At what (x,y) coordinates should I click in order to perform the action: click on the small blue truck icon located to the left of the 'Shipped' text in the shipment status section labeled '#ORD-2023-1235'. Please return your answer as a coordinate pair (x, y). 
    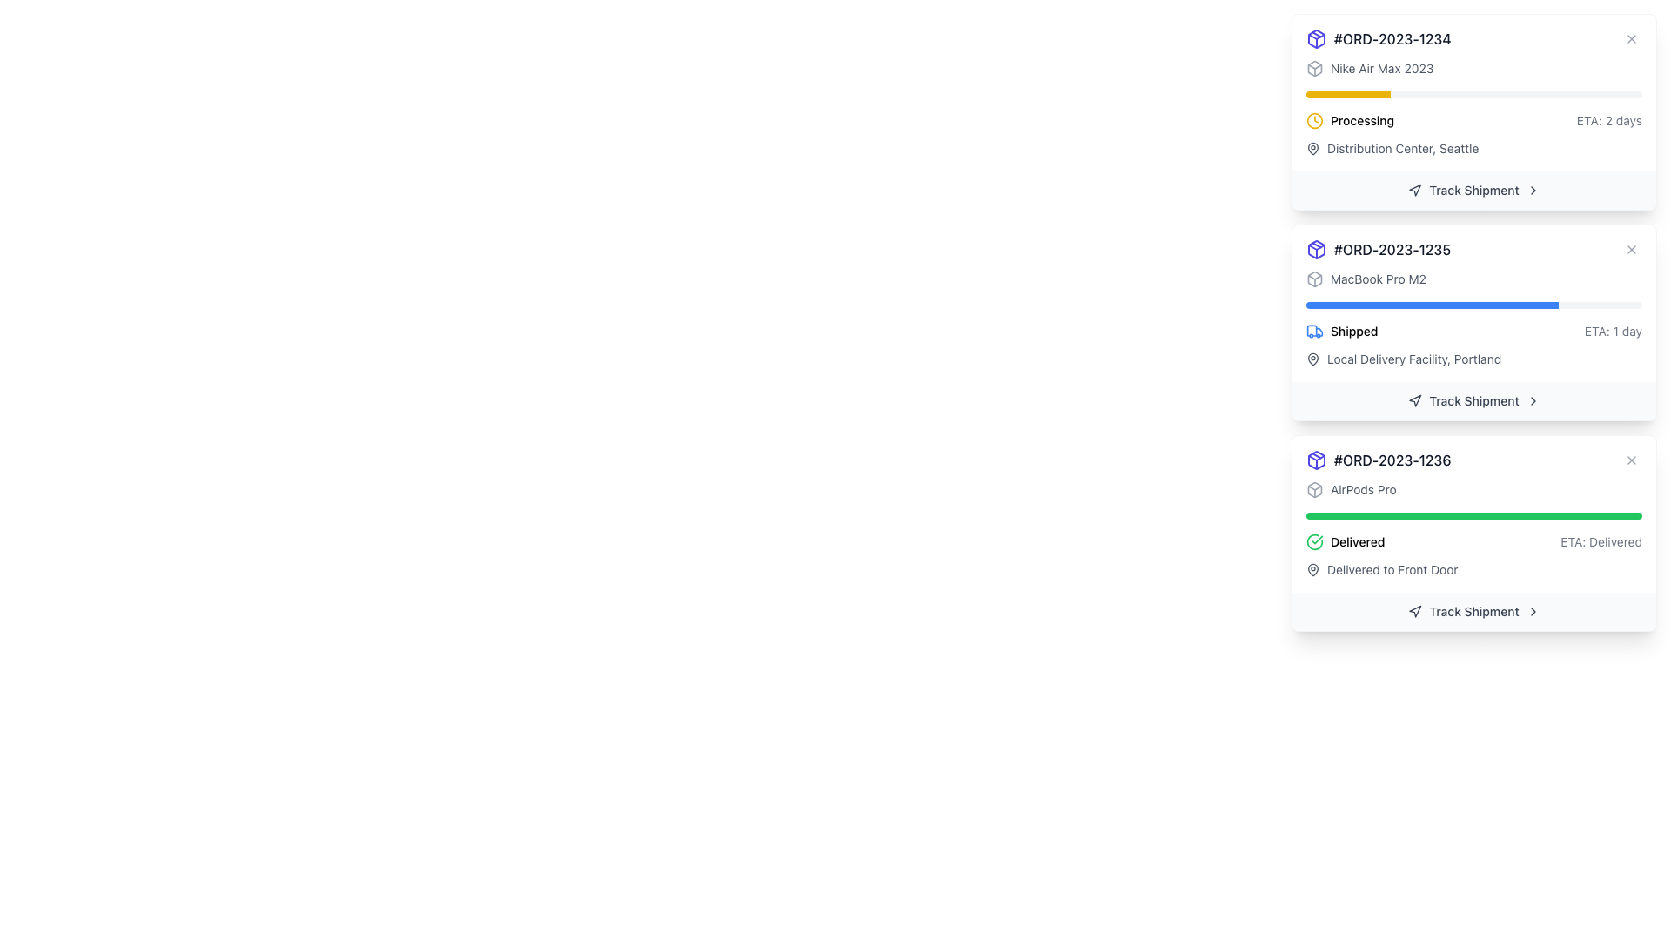
    Looking at the image, I should click on (1315, 332).